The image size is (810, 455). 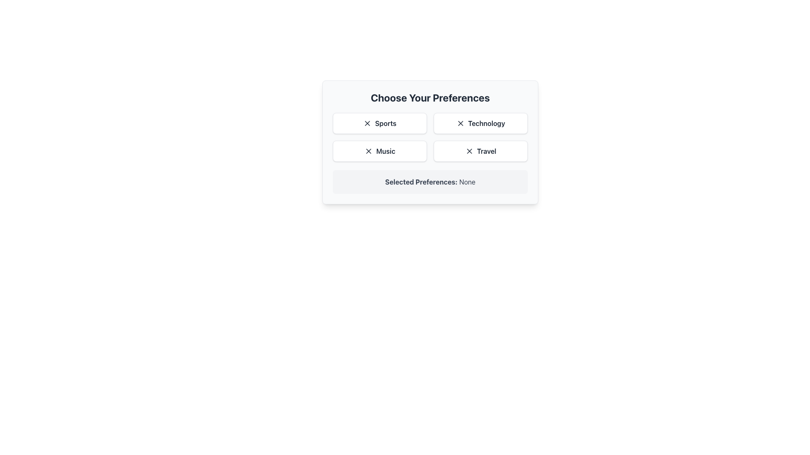 I want to click on the 'Technology' button, which features a left-aligned 'X' icon and gray text, so click(x=481, y=123).